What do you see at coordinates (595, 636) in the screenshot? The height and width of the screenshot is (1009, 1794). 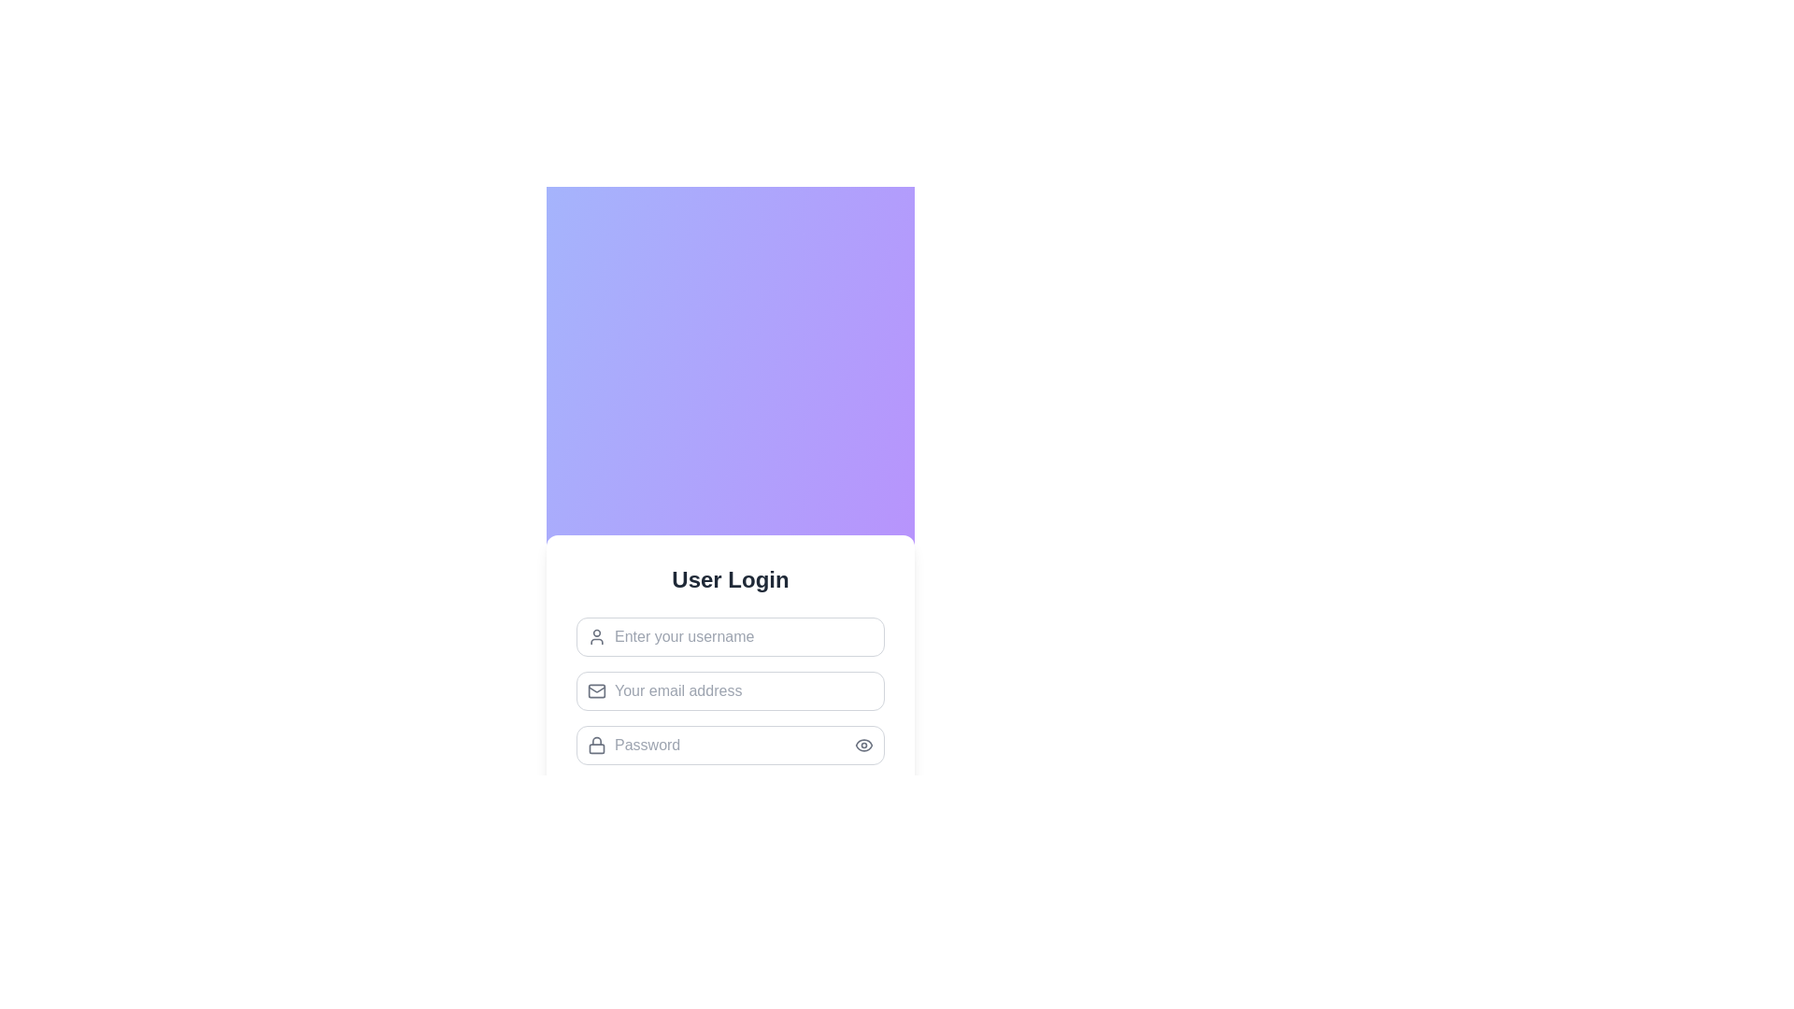 I see `the icon indicating the purpose of the adjacent input field for entering a username, positioned to the left of the placeholder text 'Enter your username'` at bounding box center [595, 636].